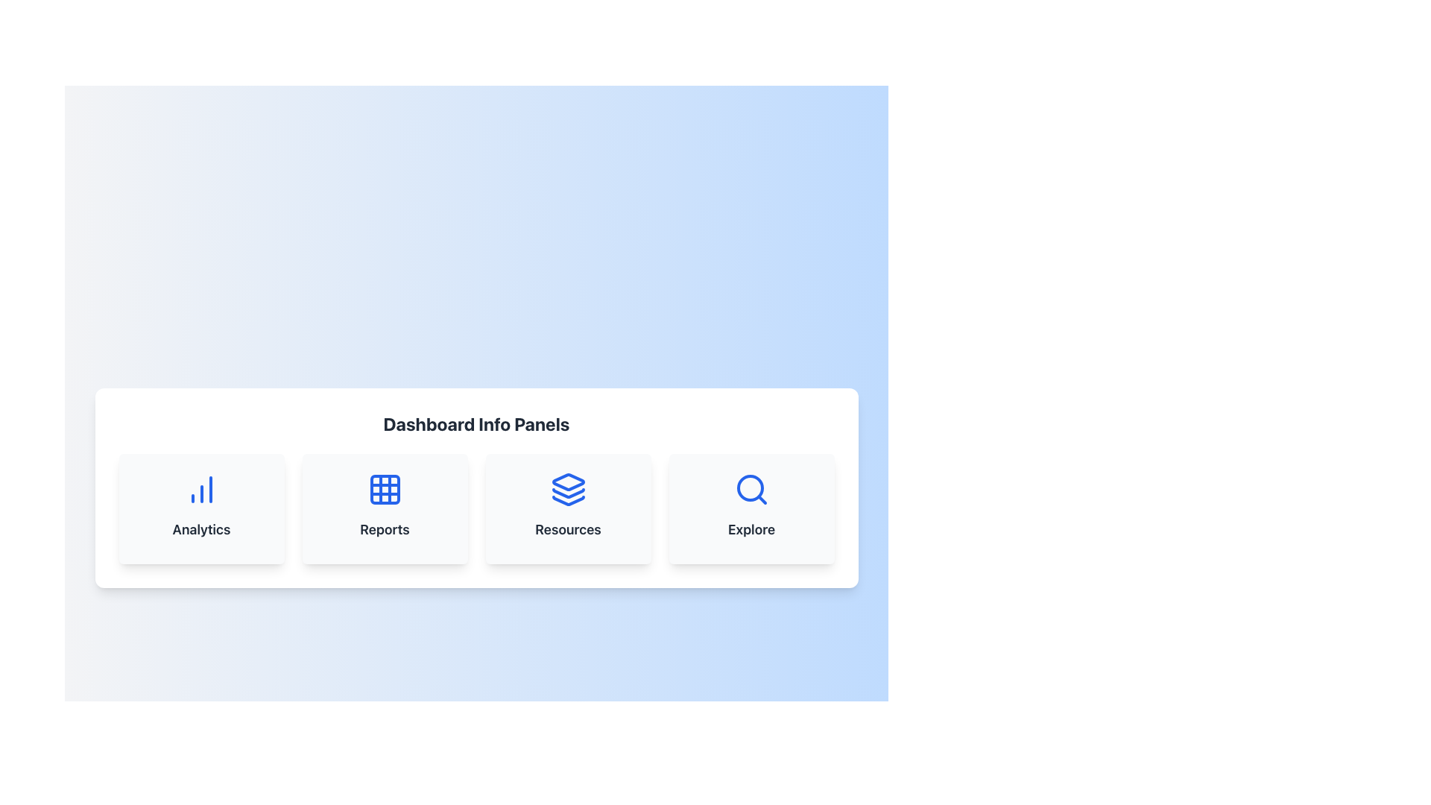  I want to click on the small blue icon design located at the bottom of the stack of three layers in the 'Resources' section of the panel, so click(567, 500).